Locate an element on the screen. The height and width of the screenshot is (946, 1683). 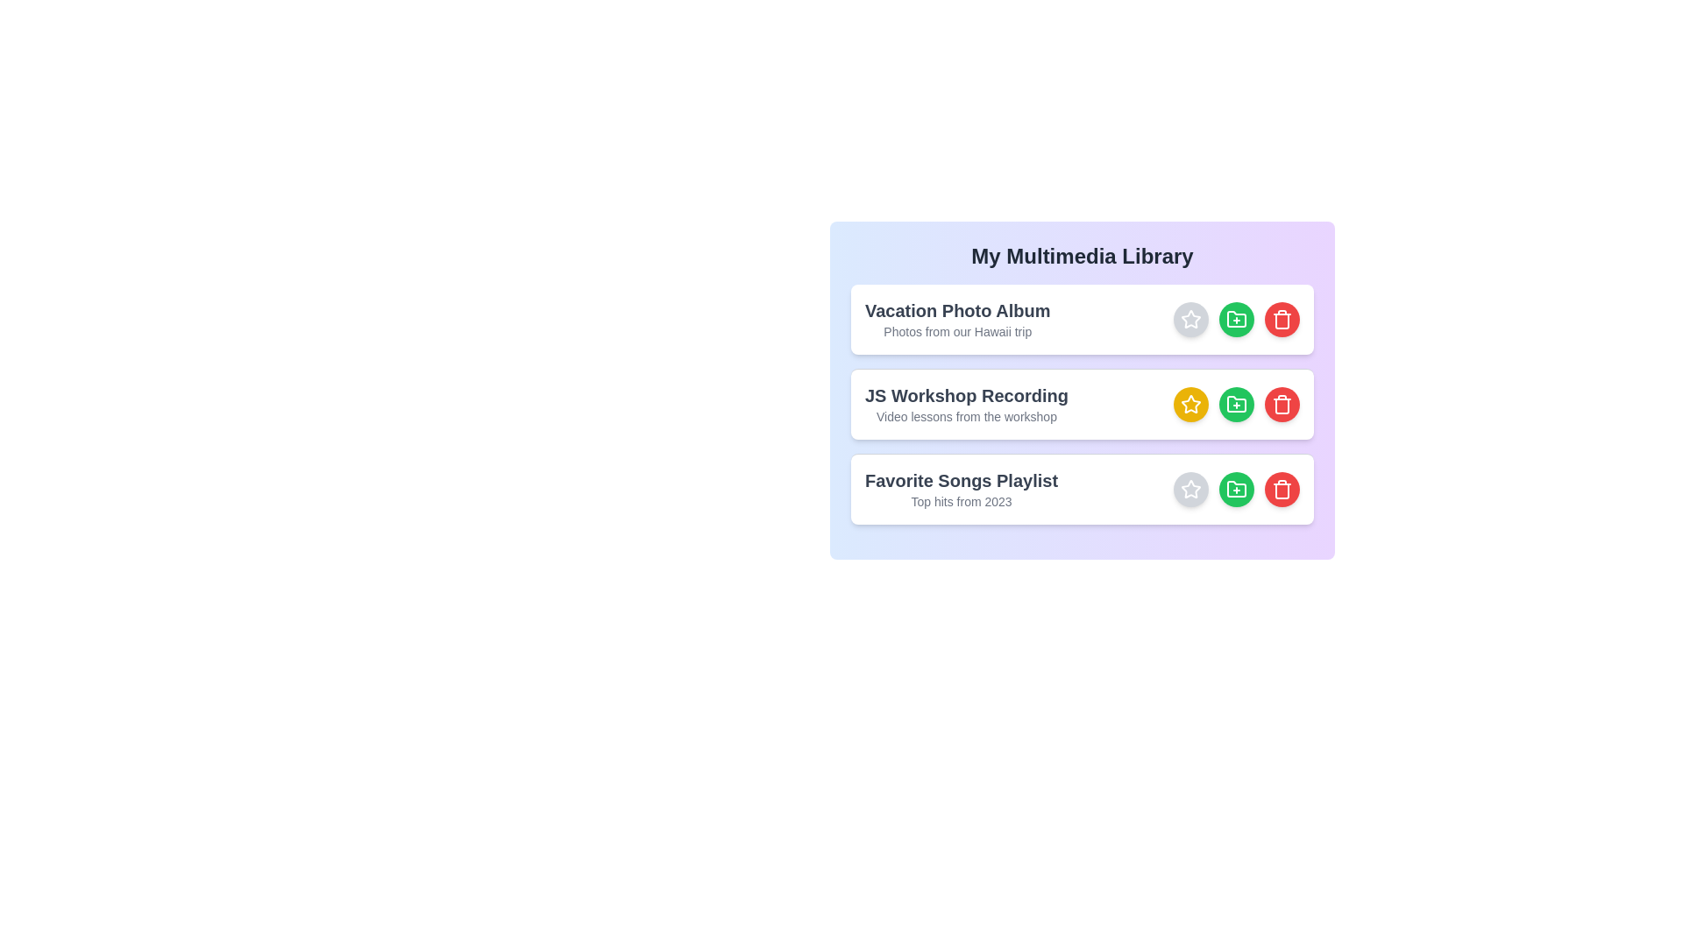
the circular green button with a white folder and plus icon, located in the 'Favorite Songs Playlist' section is located at coordinates (1236, 490).